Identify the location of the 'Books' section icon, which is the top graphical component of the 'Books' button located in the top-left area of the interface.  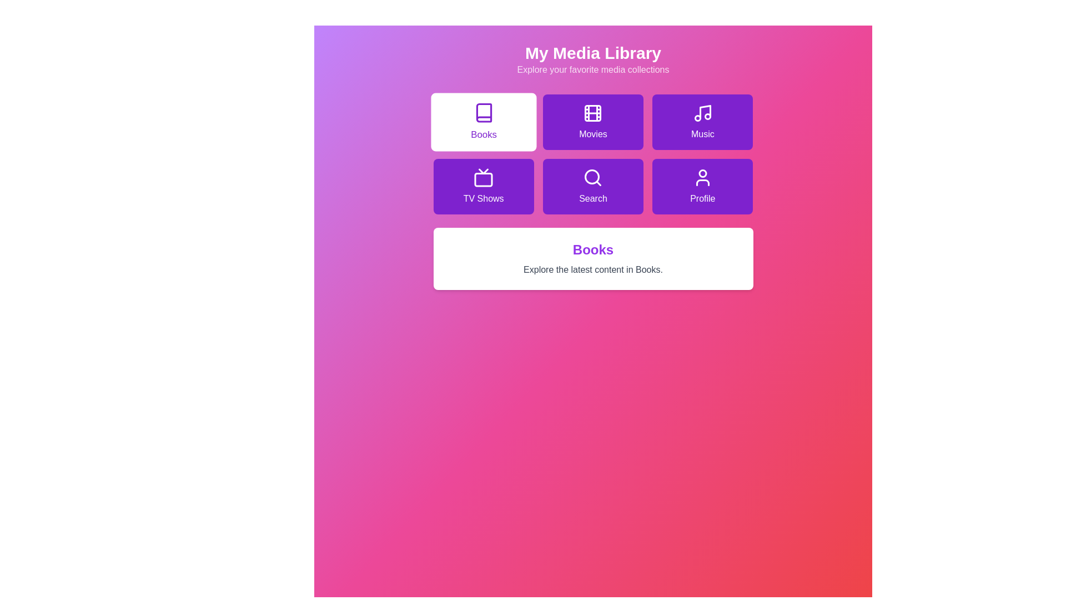
(484, 113).